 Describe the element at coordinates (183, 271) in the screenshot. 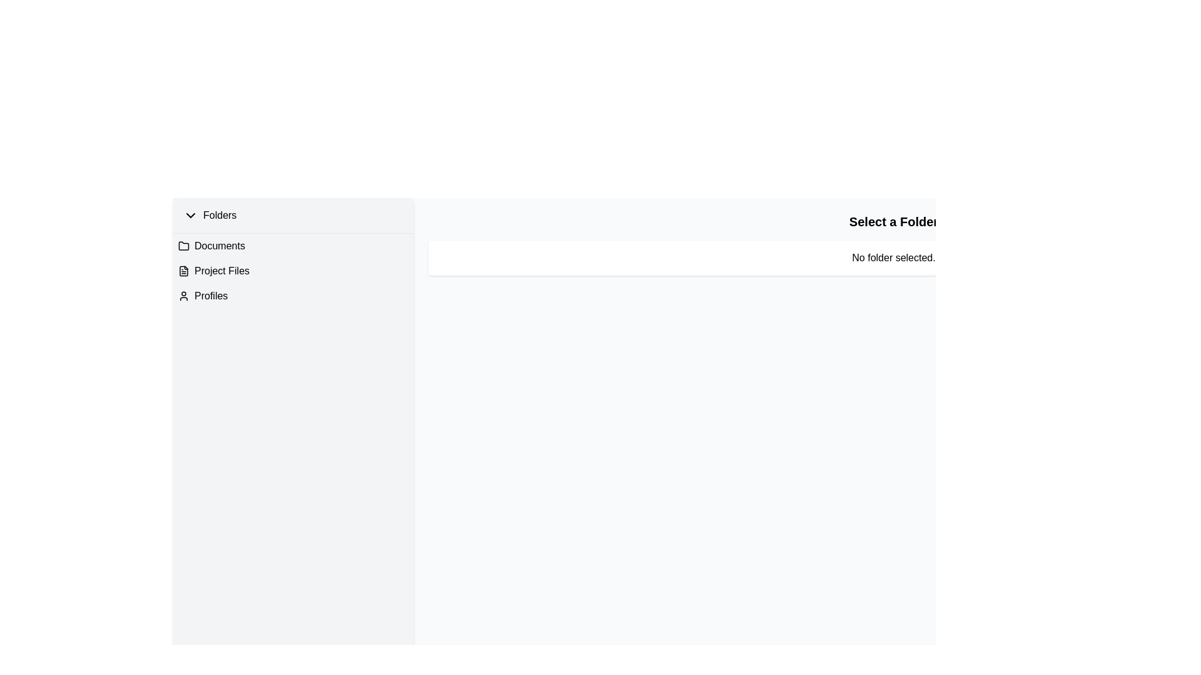

I see `the document icon in the vertical navigation menu, which is the second icon under the 'Folders' section` at that location.